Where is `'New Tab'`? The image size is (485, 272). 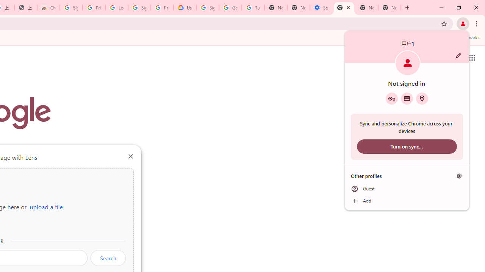 'New Tab' is located at coordinates (344, 8).